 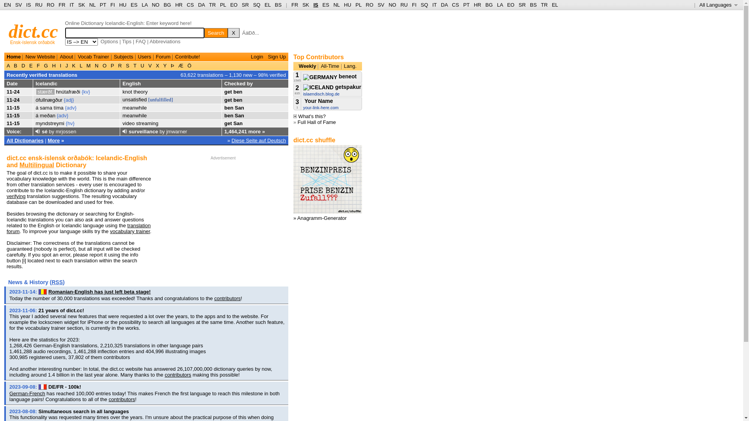 I want to click on 'islaendisch.blog.de', so click(x=321, y=93).